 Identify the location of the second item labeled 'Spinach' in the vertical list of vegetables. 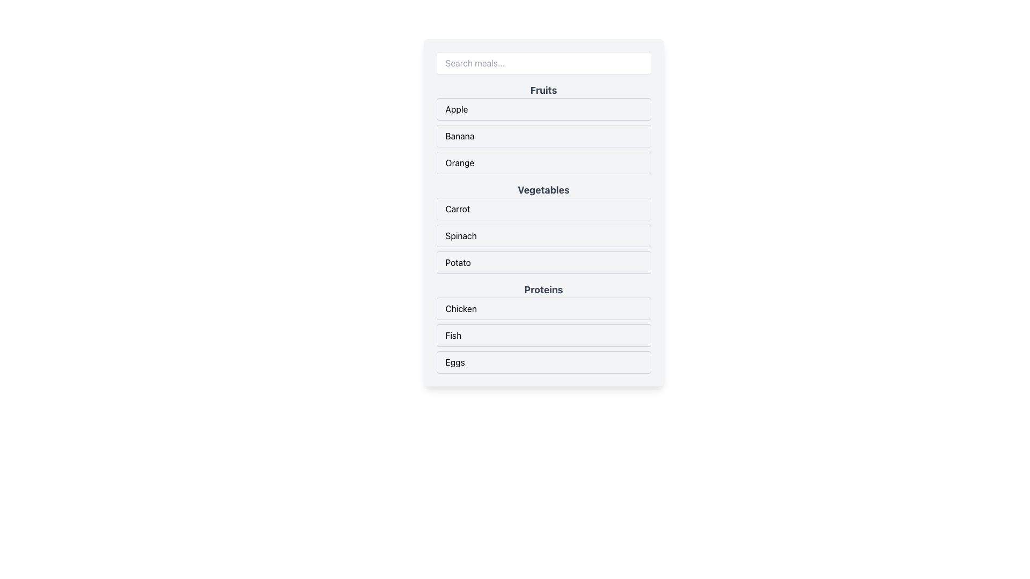
(543, 235).